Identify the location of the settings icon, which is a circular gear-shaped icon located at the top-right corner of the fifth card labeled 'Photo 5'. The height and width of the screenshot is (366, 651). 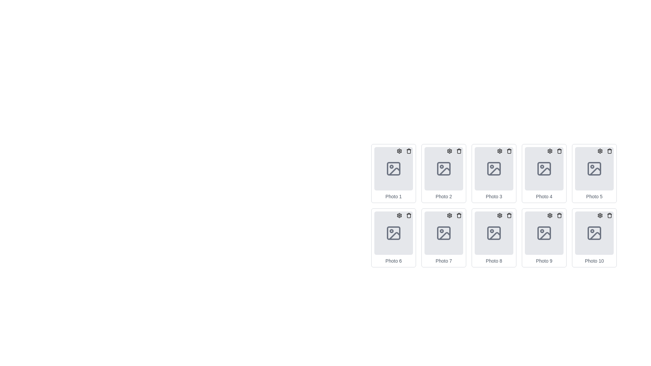
(600, 151).